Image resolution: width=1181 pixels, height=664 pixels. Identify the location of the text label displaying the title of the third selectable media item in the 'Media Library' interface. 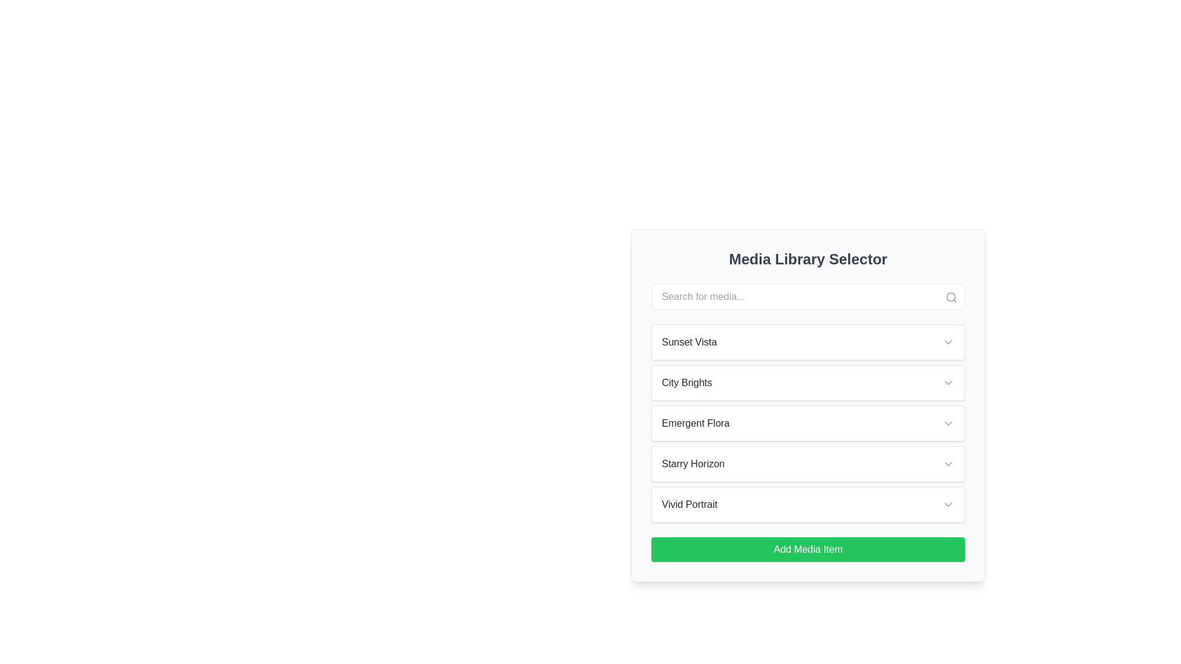
(696, 423).